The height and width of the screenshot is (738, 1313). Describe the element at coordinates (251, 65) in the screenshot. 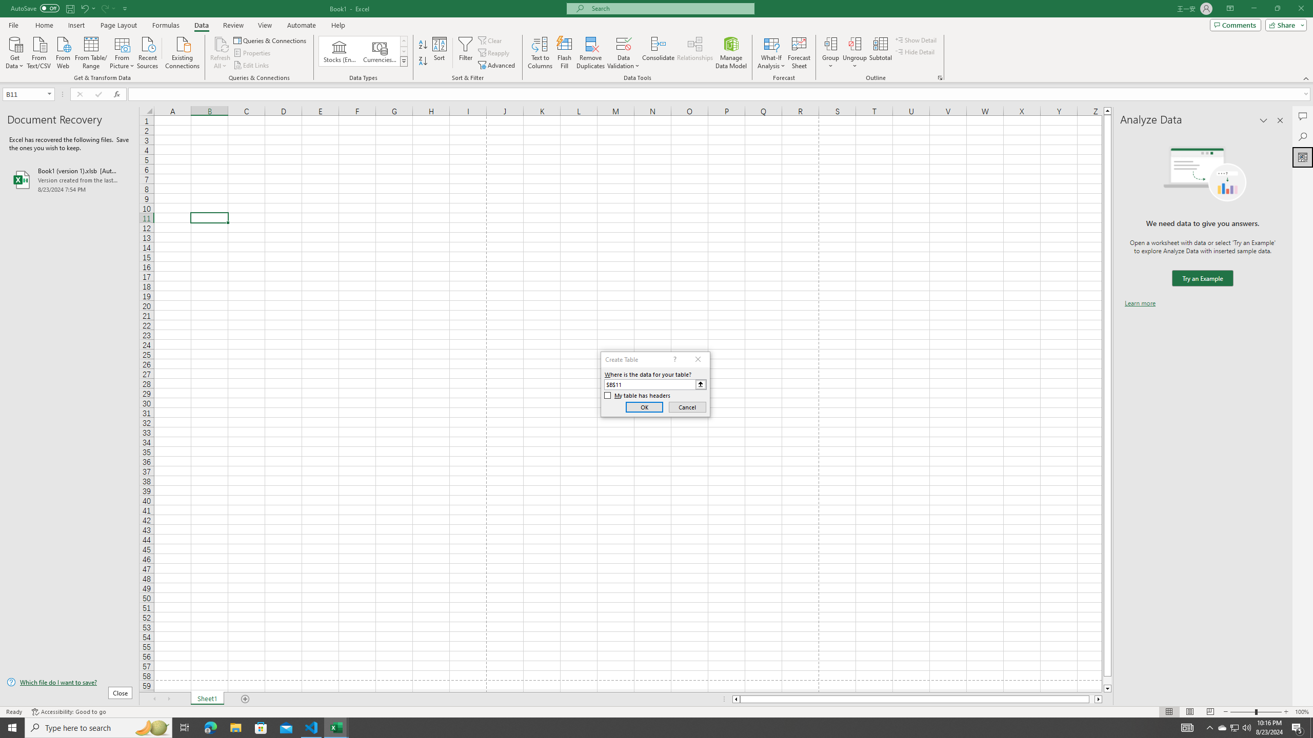

I see `'Edit Links'` at that location.